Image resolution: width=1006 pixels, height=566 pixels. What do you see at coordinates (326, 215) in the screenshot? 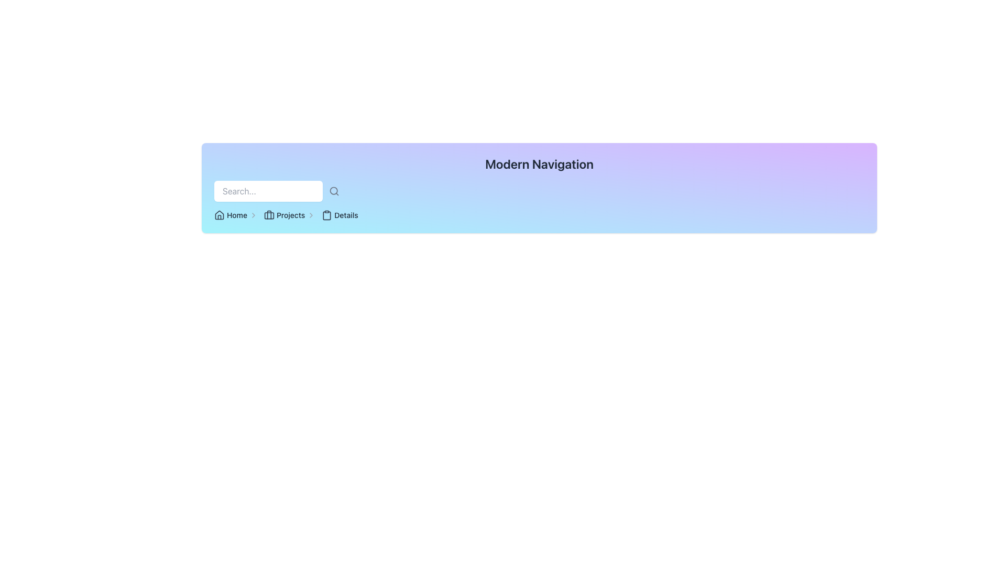
I see `the clipboard icon` at bounding box center [326, 215].